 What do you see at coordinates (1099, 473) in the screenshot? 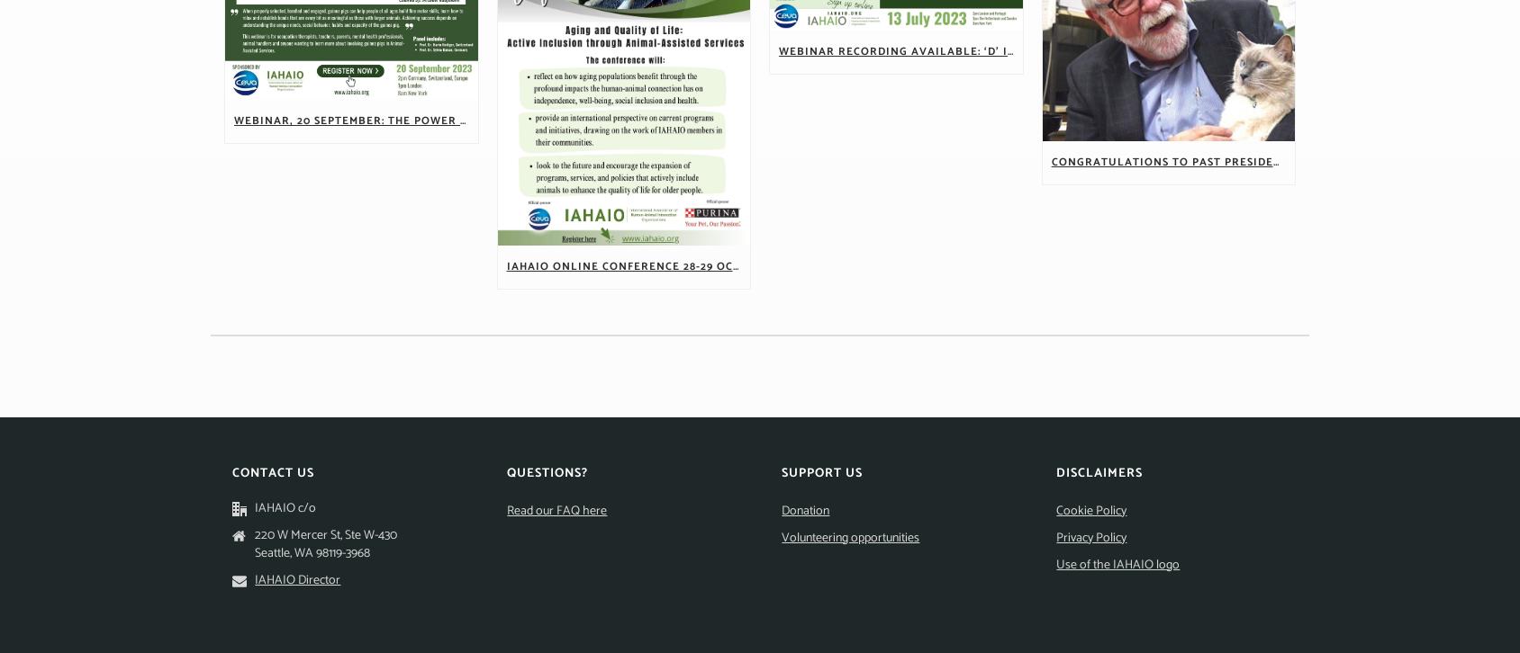
I see `'Disclaimers'` at bounding box center [1099, 473].